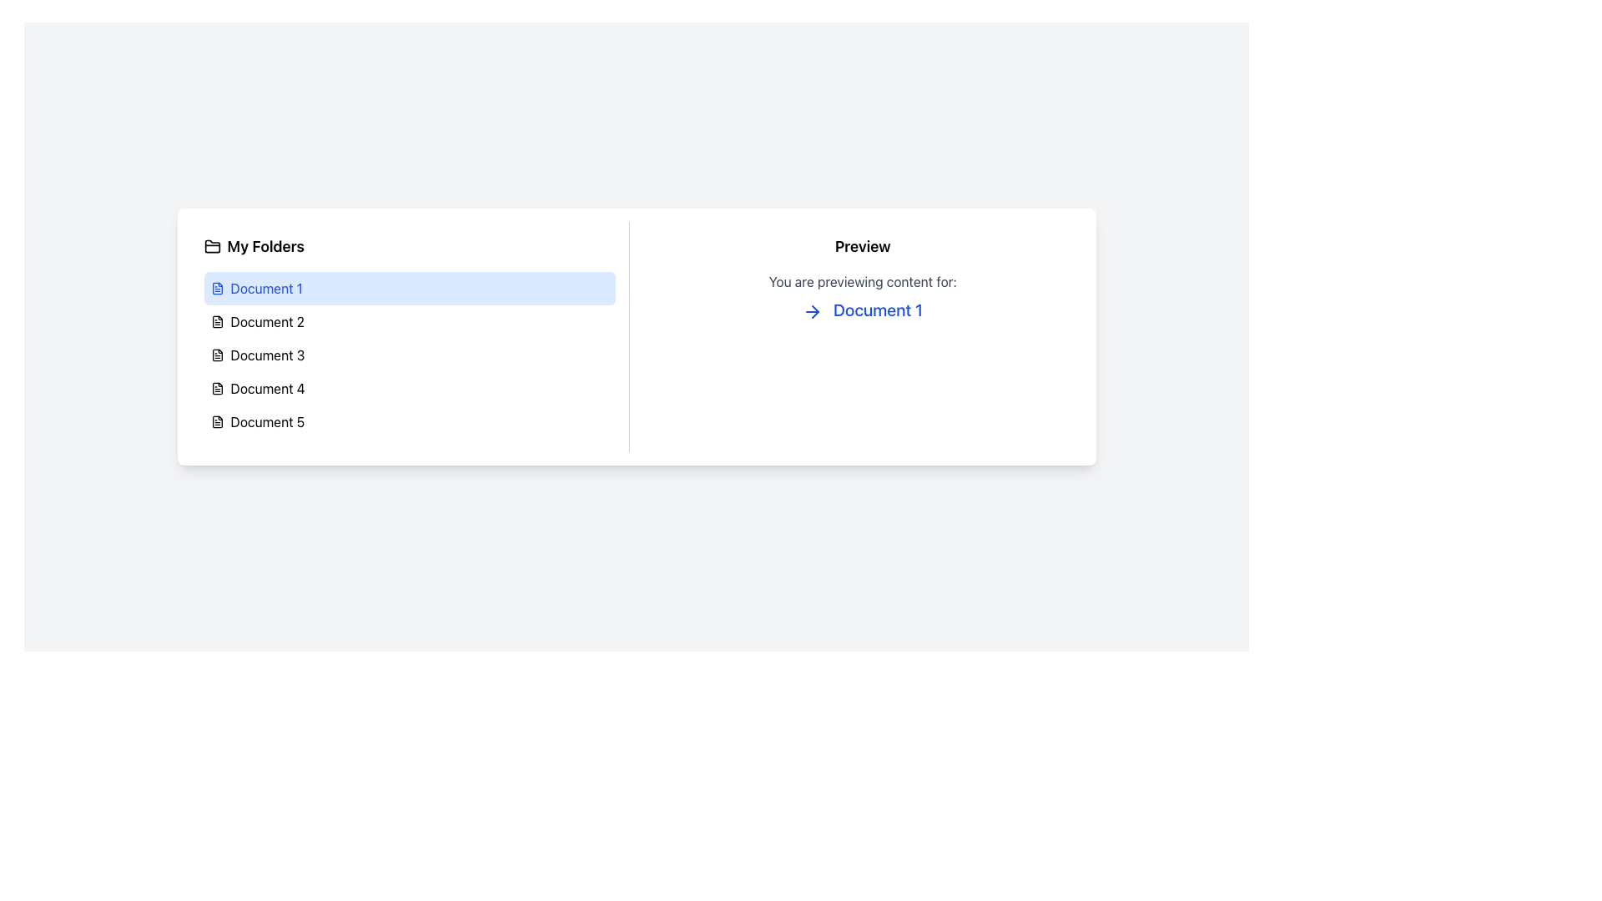 The width and height of the screenshot is (1602, 901). I want to click on the arrow icon located in the 'Preview' section, directly to the left of the 'Document 1' text, so click(815, 311).